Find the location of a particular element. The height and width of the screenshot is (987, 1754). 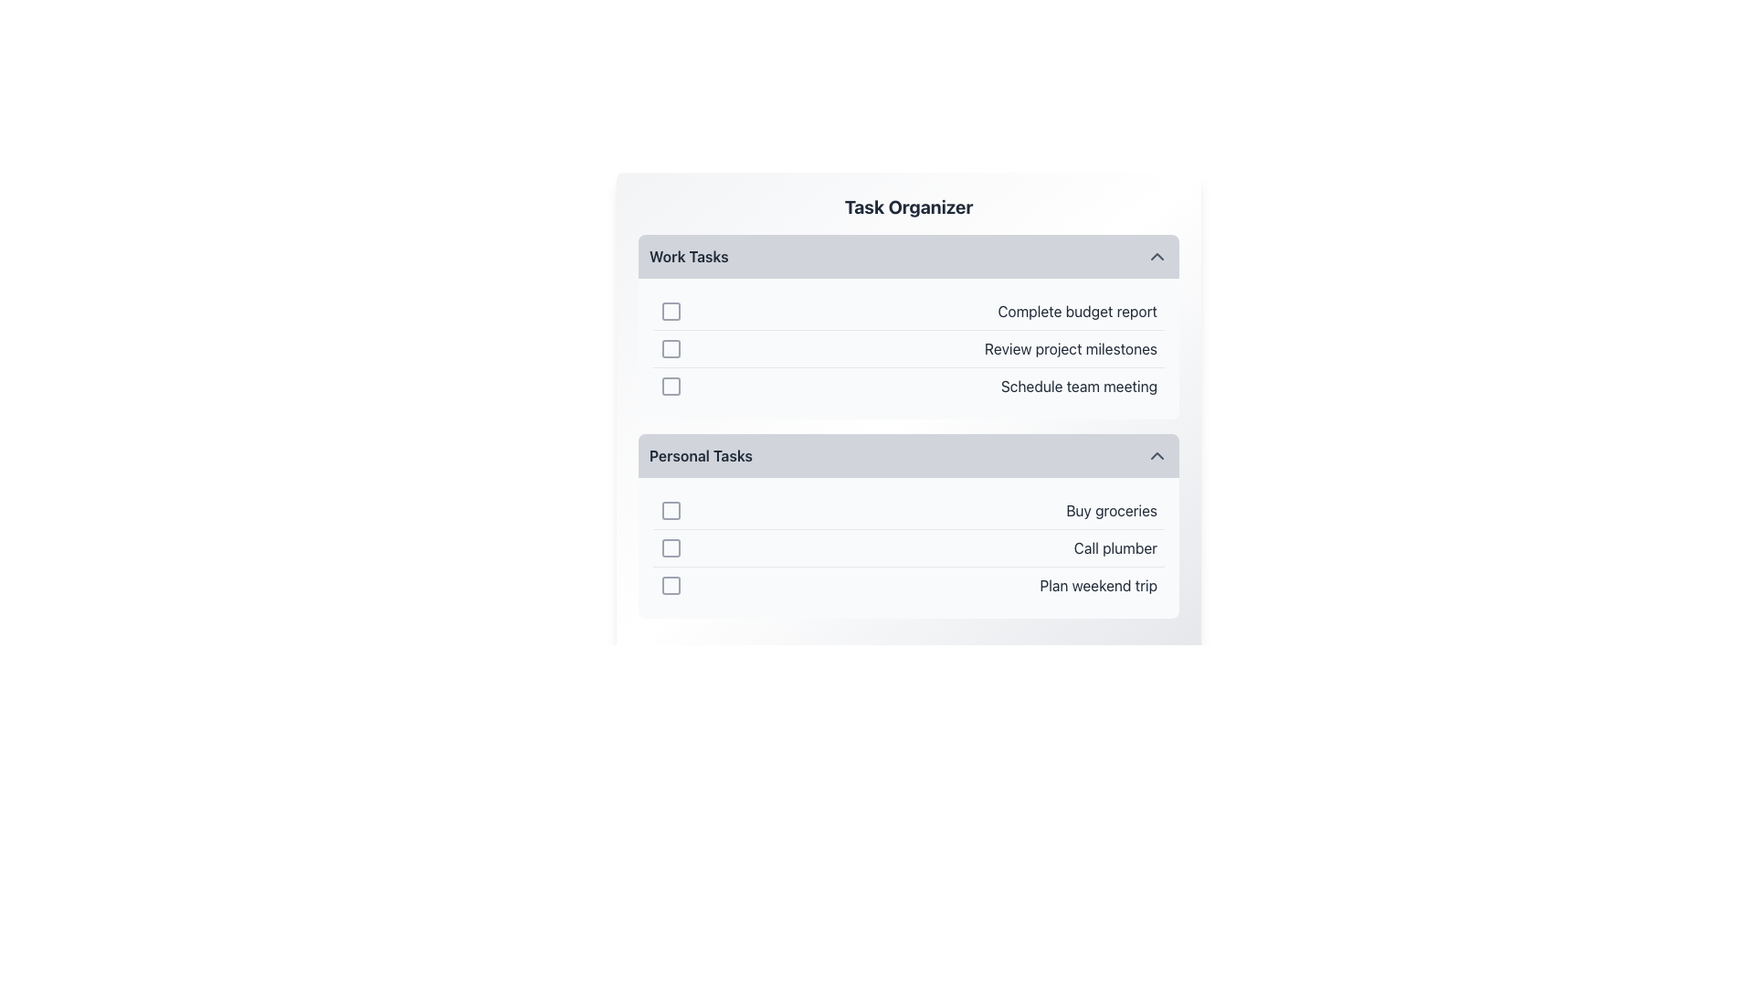

the 'Call plumber' task label located in the 'Personal Tasks' section, which is the middle item in a three-item list next to an interactive checkbox is located at coordinates (1115, 547).